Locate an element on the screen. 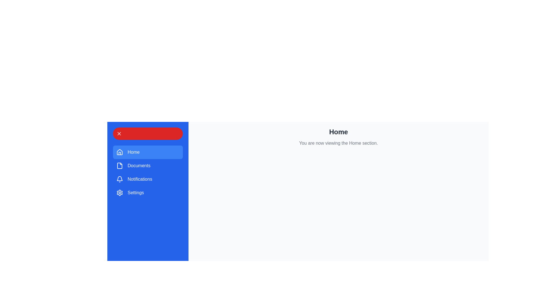 This screenshot has height=304, width=541. the menu item Notifications from the drawer menu is located at coordinates (148, 179).